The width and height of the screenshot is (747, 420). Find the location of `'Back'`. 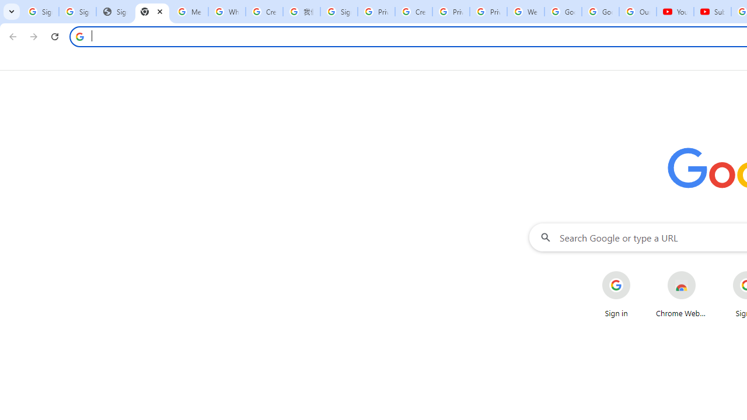

'Back' is located at coordinates (11, 36).